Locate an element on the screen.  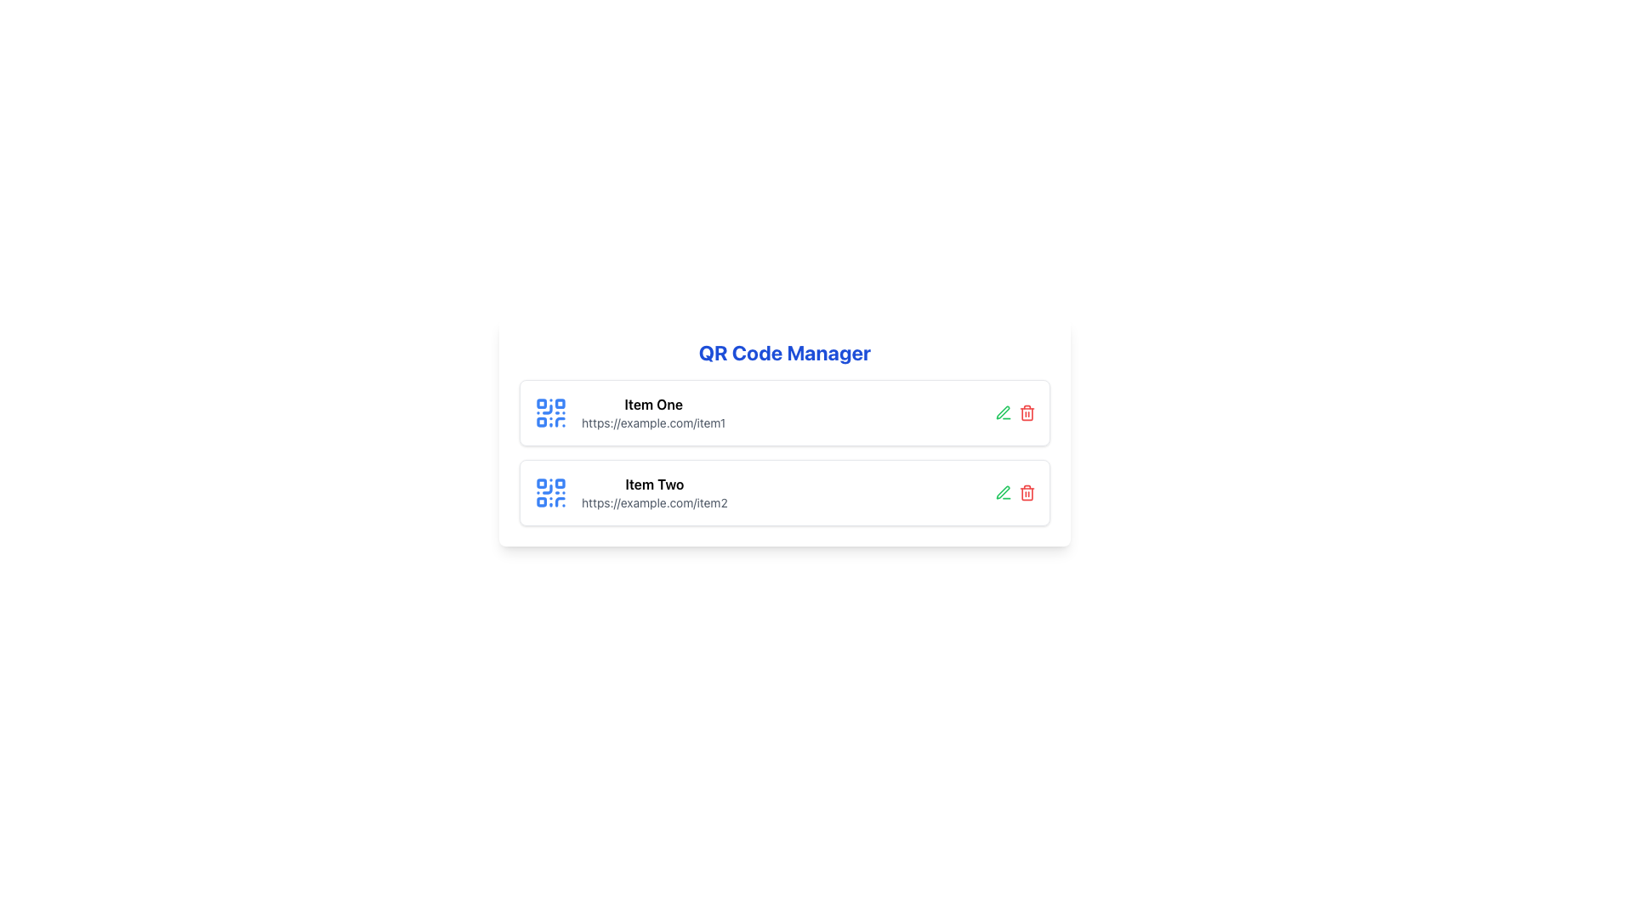
the Icon Button (Pen Symbol) located to the right of 'Item One' to initiate an edit action is located at coordinates (1003, 492).